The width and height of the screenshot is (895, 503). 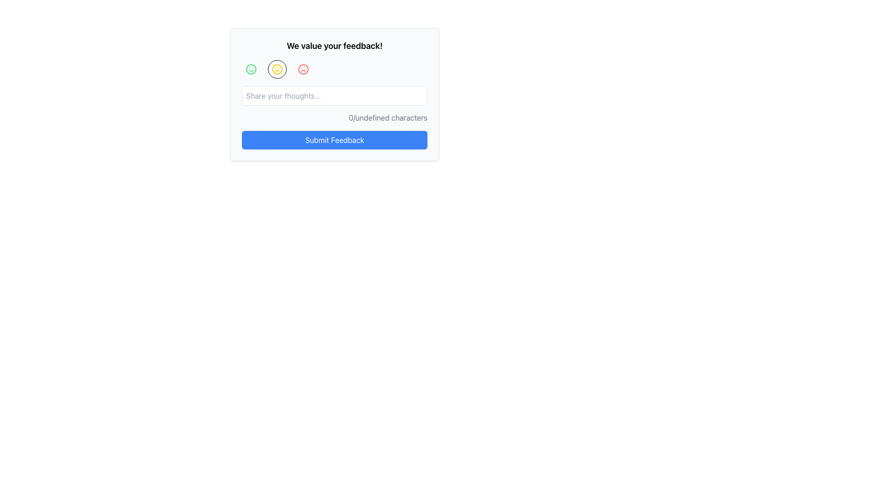 What do you see at coordinates (303, 69) in the screenshot?
I see `the circular SVG graphic of the sad face icon, which is the third feedback icon in the sequence` at bounding box center [303, 69].